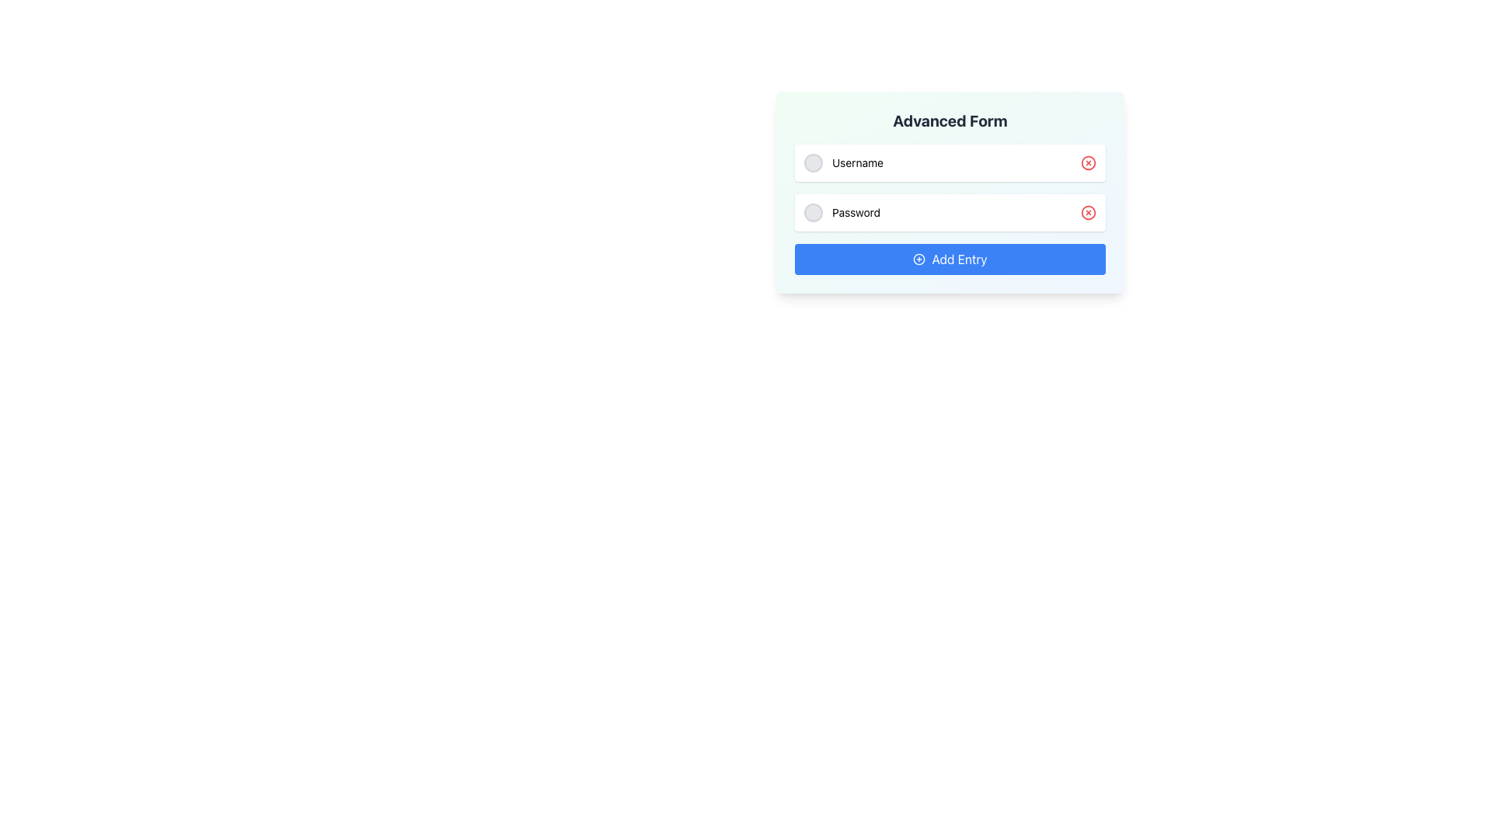 The image size is (1492, 839). Describe the element at coordinates (842, 212) in the screenshot. I see `label that indicates the password input field, which is positioned immediately below the Username field in the form layout` at that location.